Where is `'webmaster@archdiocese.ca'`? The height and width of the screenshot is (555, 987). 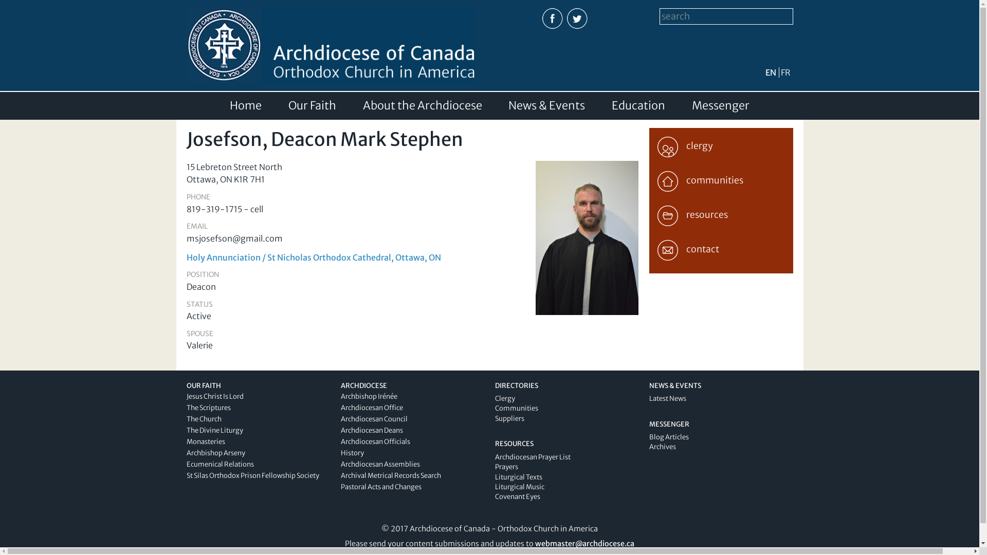 'webmaster@archdiocese.ca' is located at coordinates (584, 543).